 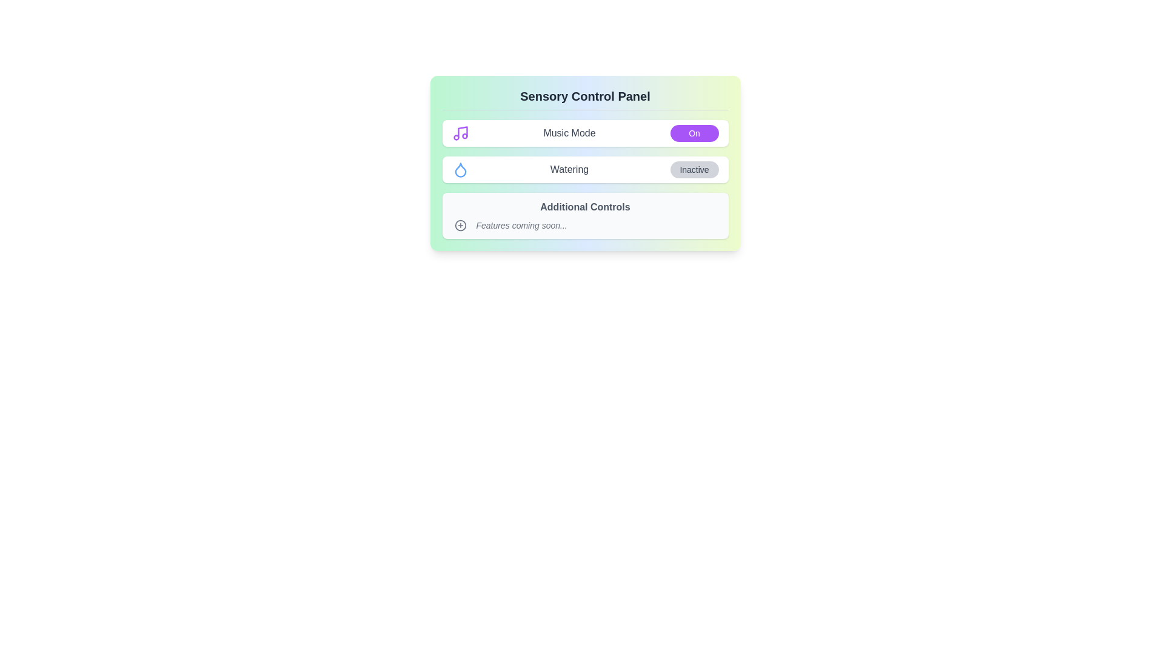 What do you see at coordinates (460, 170) in the screenshot?
I see `the blue droplet icon located next to the 'Watering' text label in the 'Watering' control section of the 'Sensory Control Panel'` at bounding box center [460, 170].